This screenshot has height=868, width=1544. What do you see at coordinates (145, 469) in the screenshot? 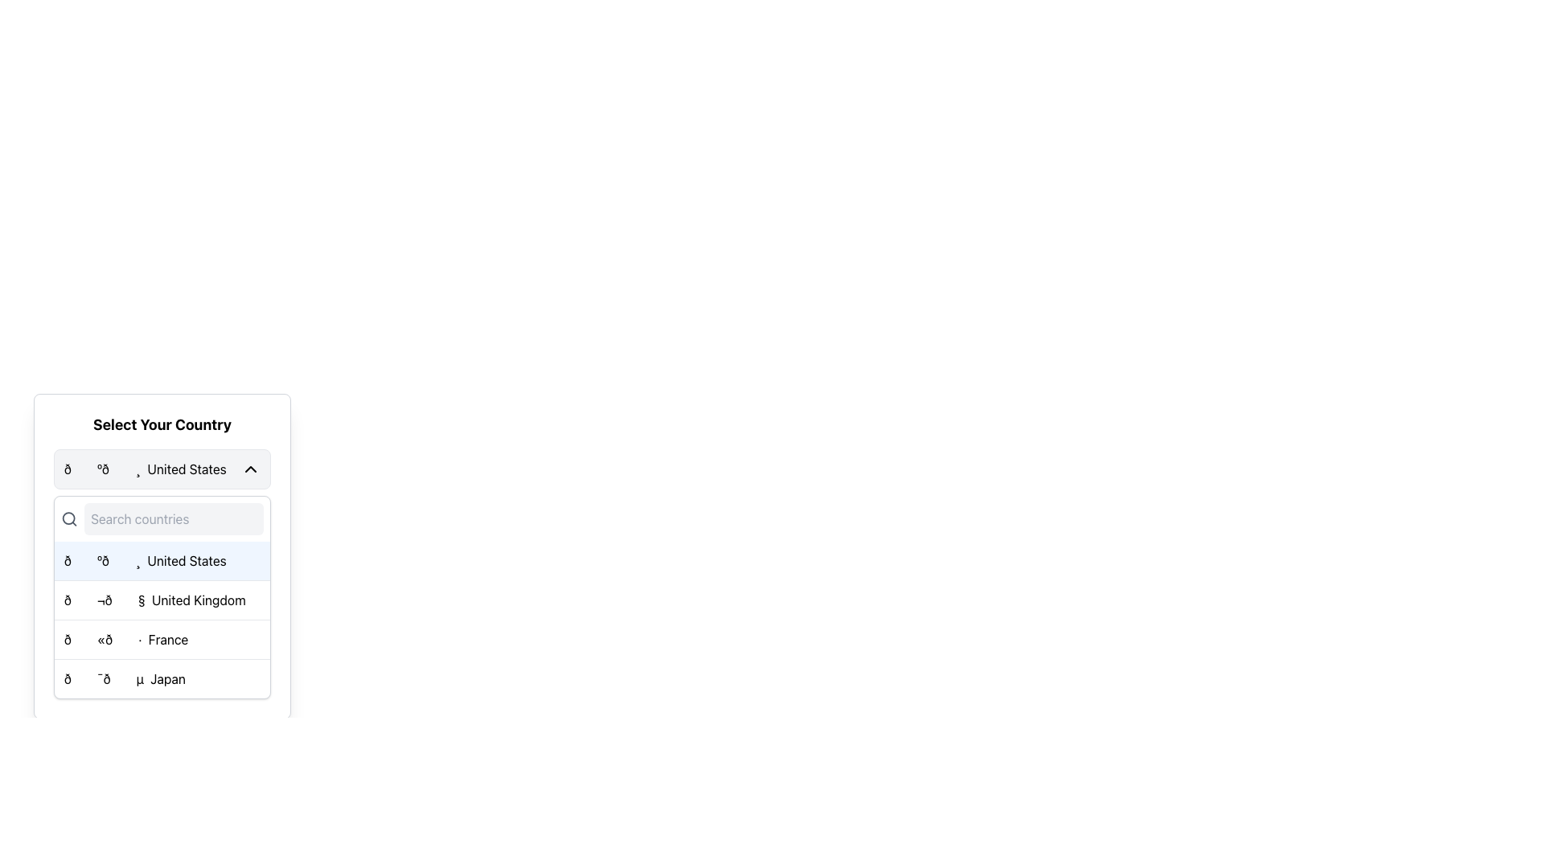
I see `the composite element displaying the emoji of a flag and the text 'United States' in the dropdown menu titled 'Select Your Country'` at bounding box center [145, 469].